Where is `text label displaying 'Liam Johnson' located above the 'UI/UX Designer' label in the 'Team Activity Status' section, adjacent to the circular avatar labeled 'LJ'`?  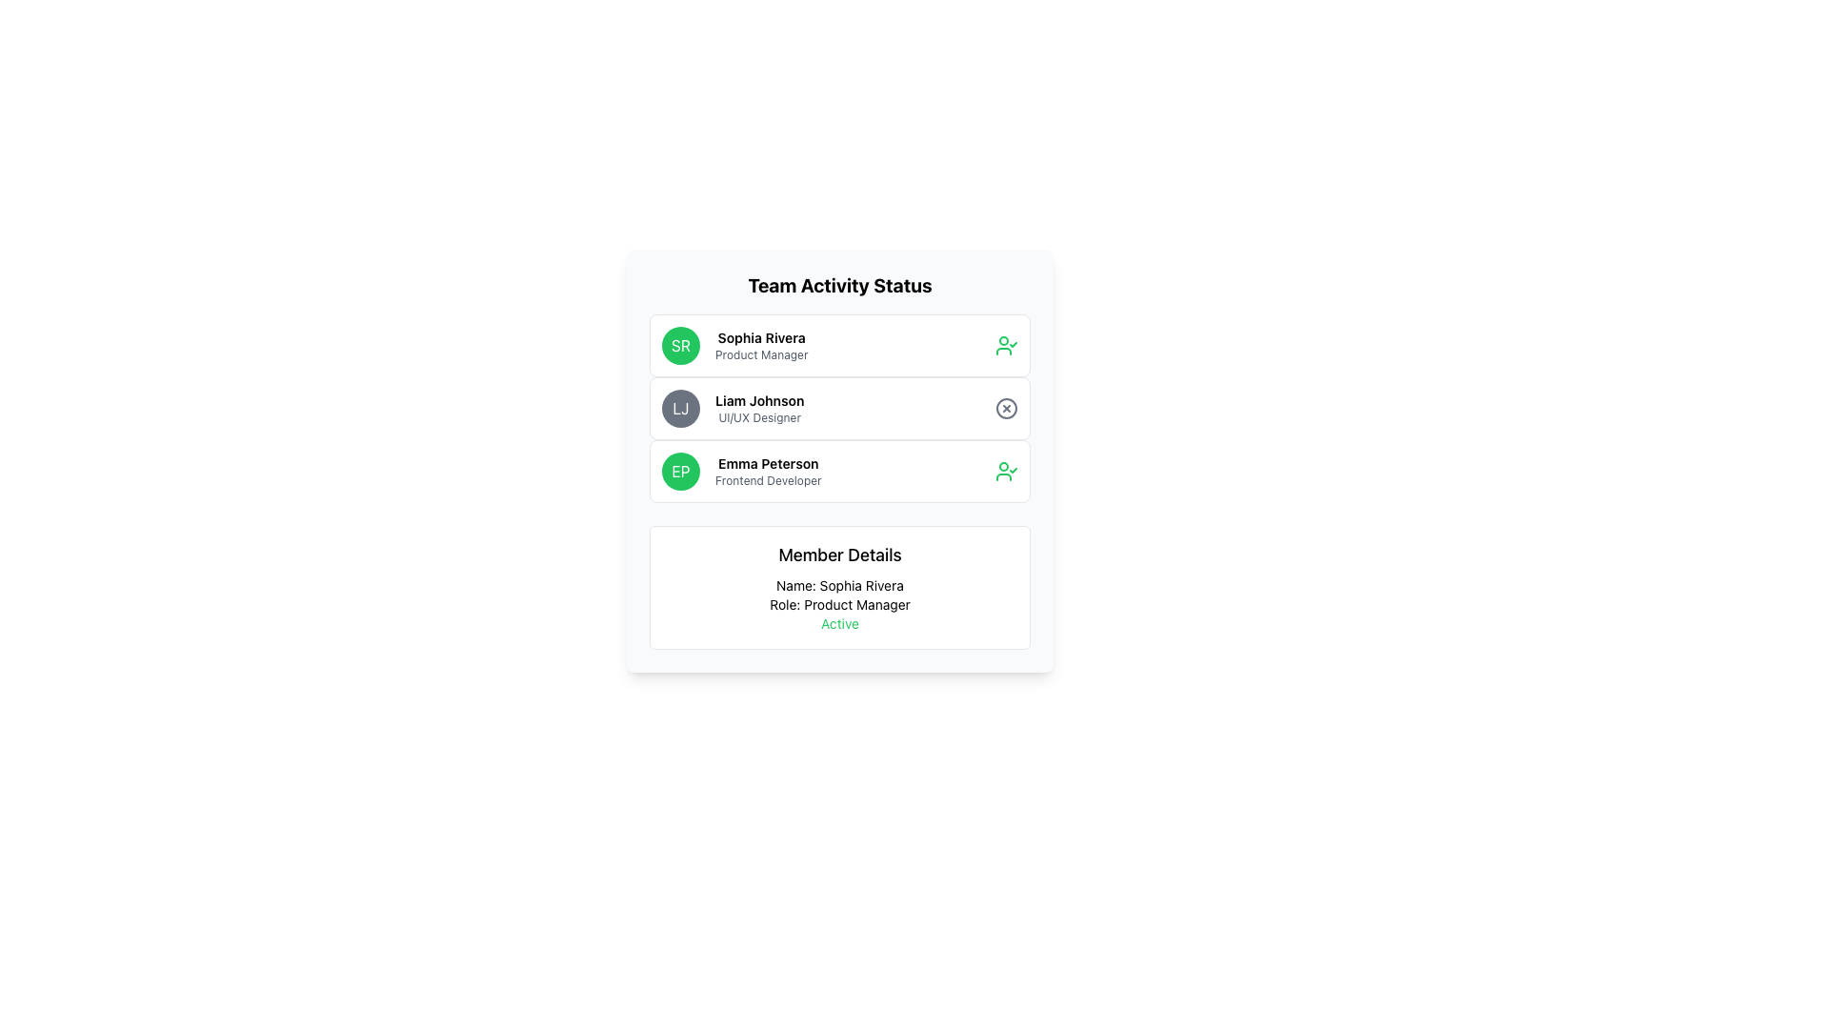 text label displaying 'Liam Johnson' located above the 'UI/UX Designer' label in the 'Team Activity Status' section, adjacent to the circular avatar labeled 'LJ' is located at coordinates (758, 399).